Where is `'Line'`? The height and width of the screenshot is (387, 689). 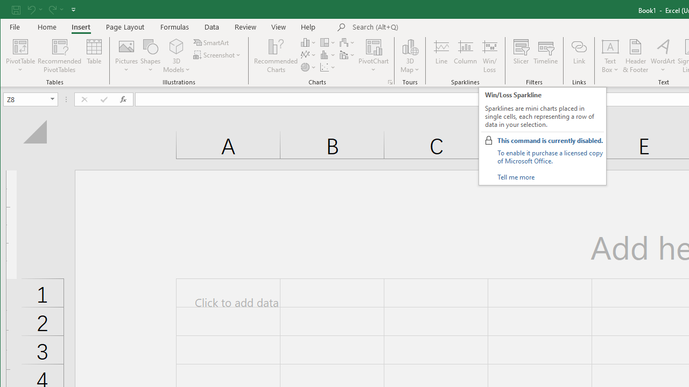 'Line' is located at coordinates (441, 56).